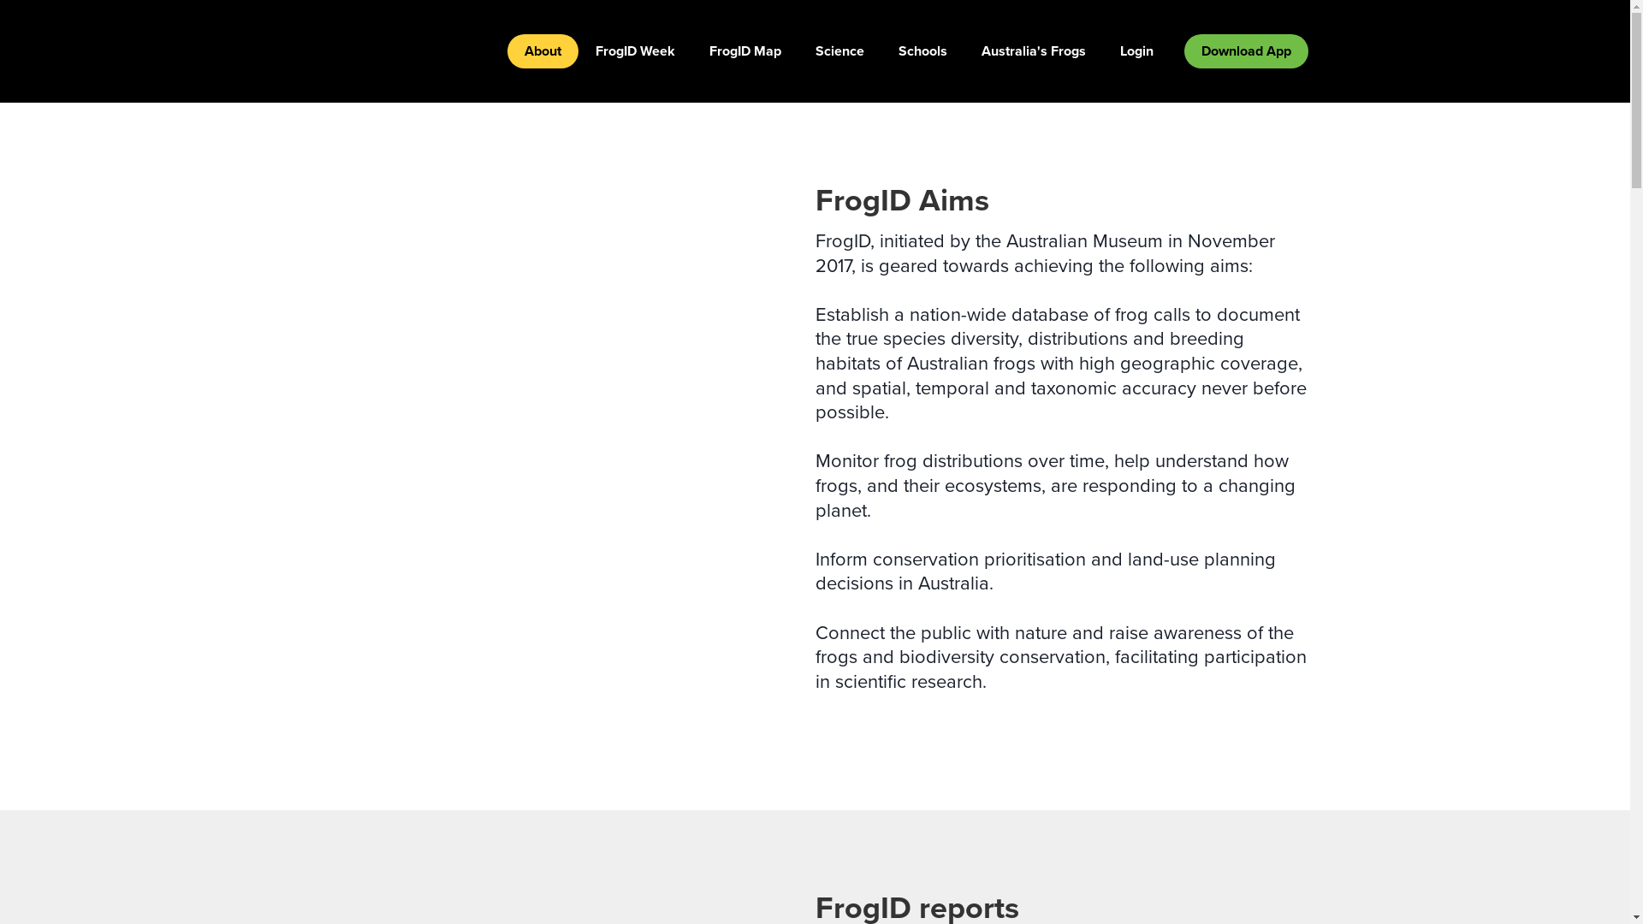 Image resolution: width=1643 pixels, height=924 pixels. Describe the element at coordinates (541, 50) in the screenshot. I see `'About'` at that location.